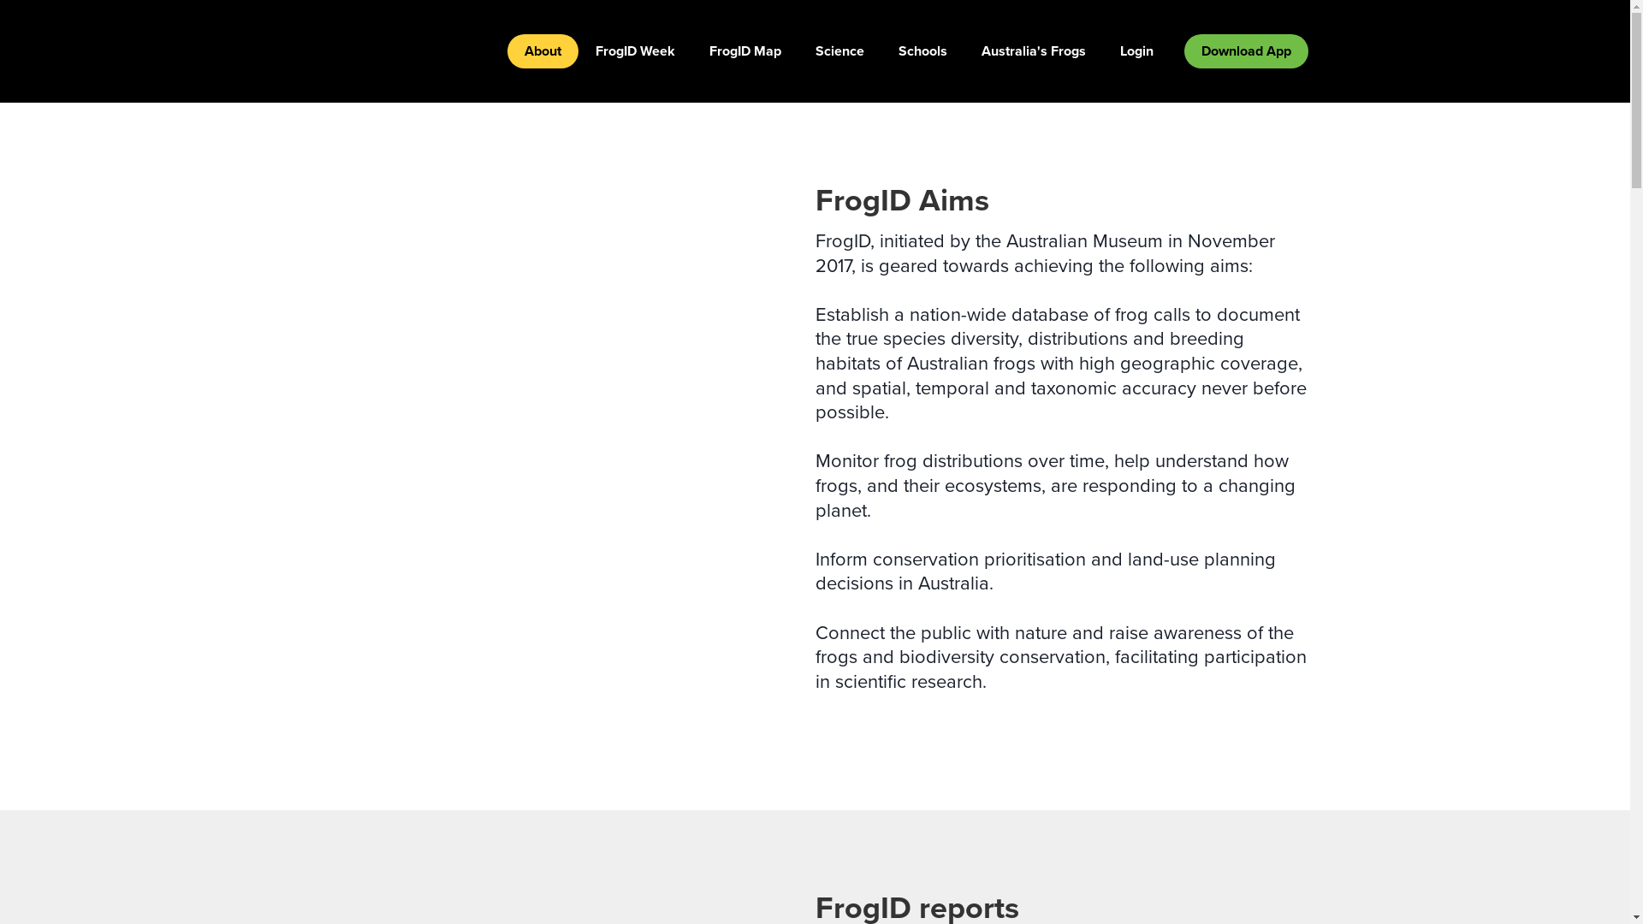 Image resolution: width=1643 pixels, height=924 pixels. Describe the element at coordinates (541, 50) in the screenshot. I see `'About'` at that location.